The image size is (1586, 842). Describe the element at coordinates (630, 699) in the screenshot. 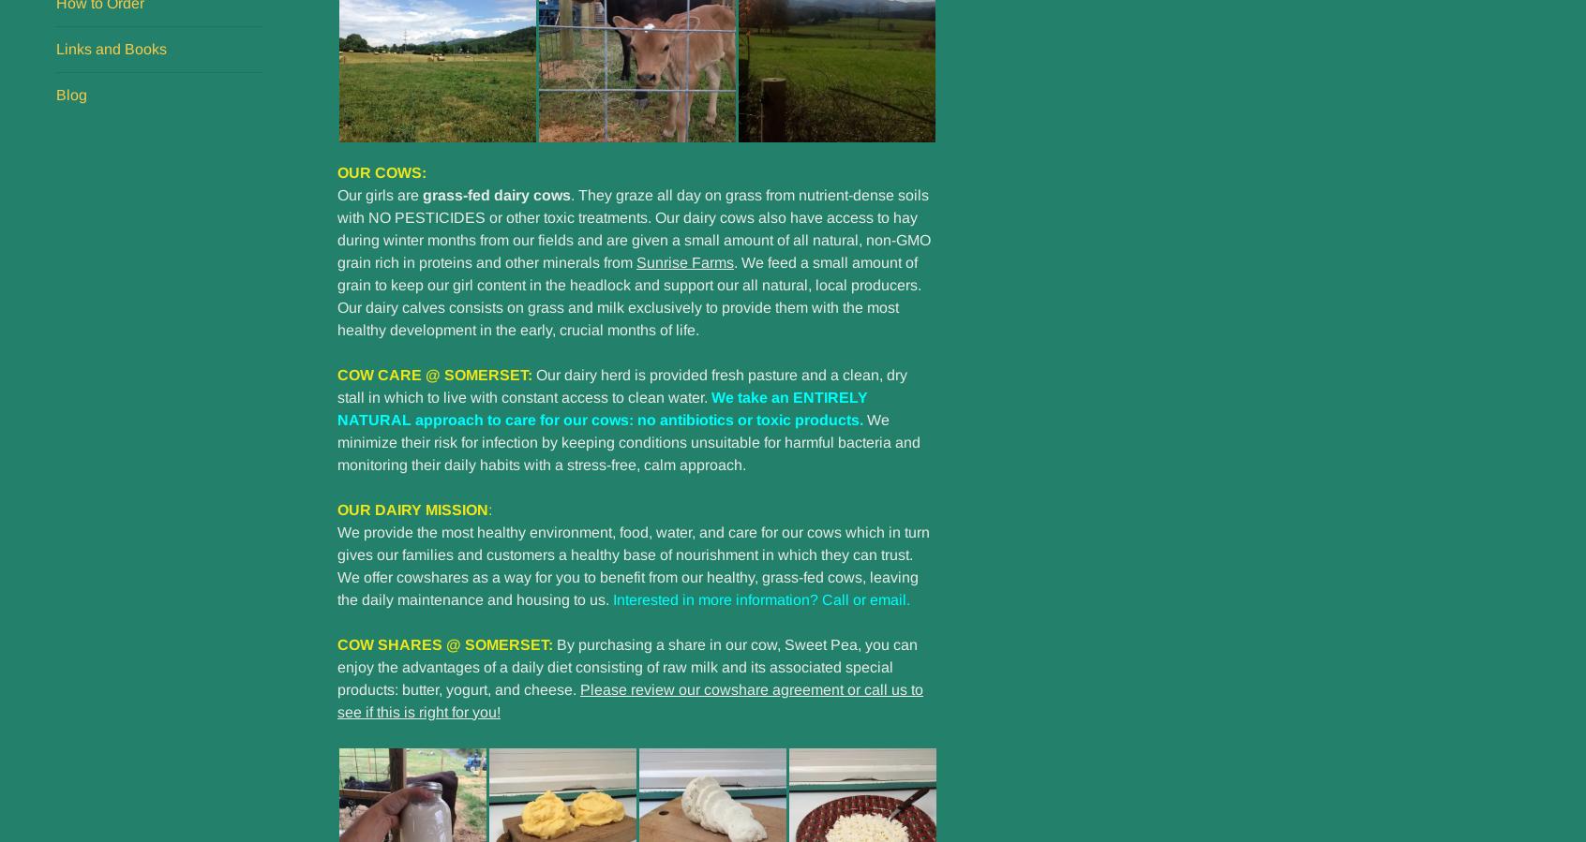

I see `'Please review our cowshare agreement or call us to see if this is right for you!'` at that location.